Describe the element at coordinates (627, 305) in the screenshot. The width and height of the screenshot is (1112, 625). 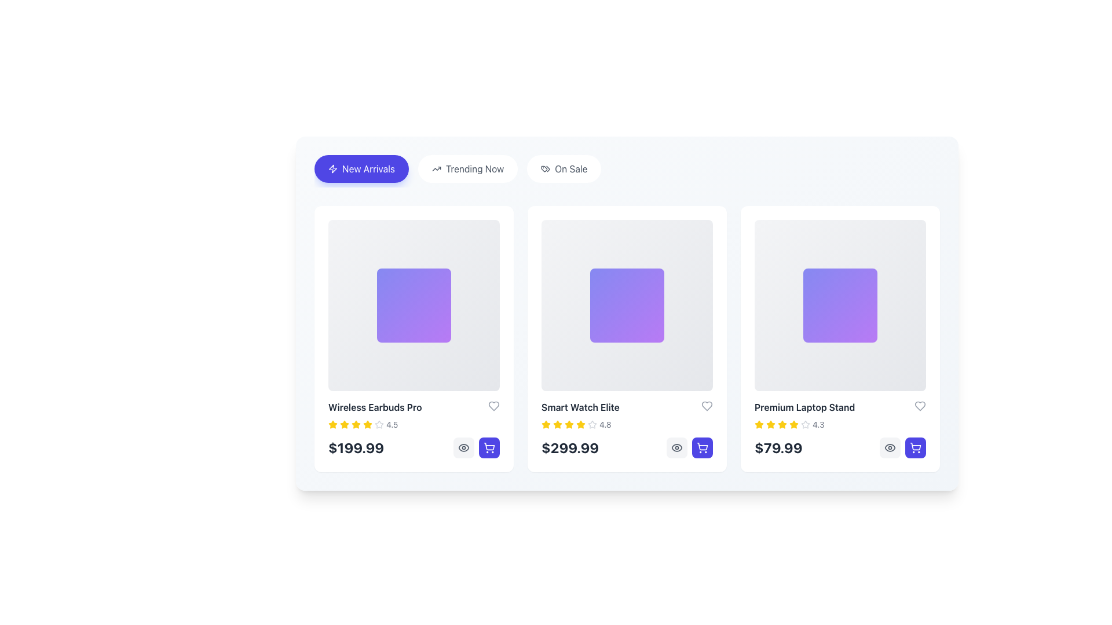
I see `the decorative visual element in the middle of the second product card titled 'Smart Watch Elite'` at that location.